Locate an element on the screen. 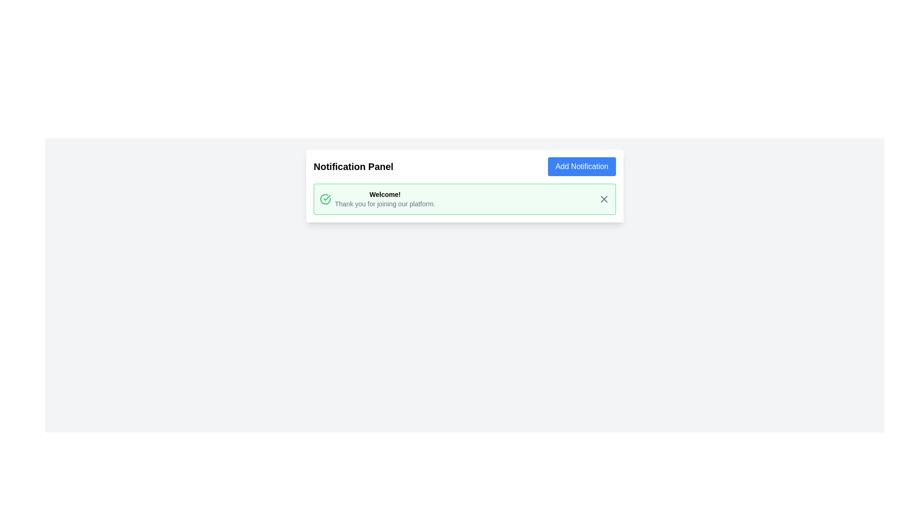 The width and height of the screenshot is (907, 510). text from the title or header text label for the notification section, which is positioned to the left of the 'Add Notification' button is located at coordinates (353, 166).